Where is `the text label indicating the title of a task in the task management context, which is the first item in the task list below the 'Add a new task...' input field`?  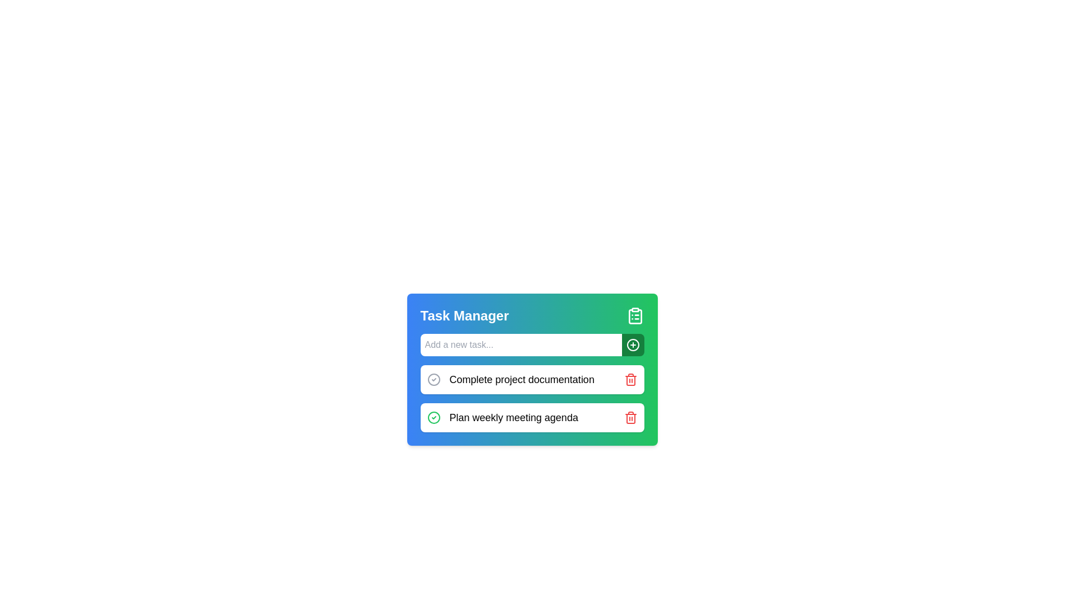
the text label indicating the title of a task in the task management context, which is the first item in the task list below the 'Add a new task...' input field is located at coordinates (510, 379).